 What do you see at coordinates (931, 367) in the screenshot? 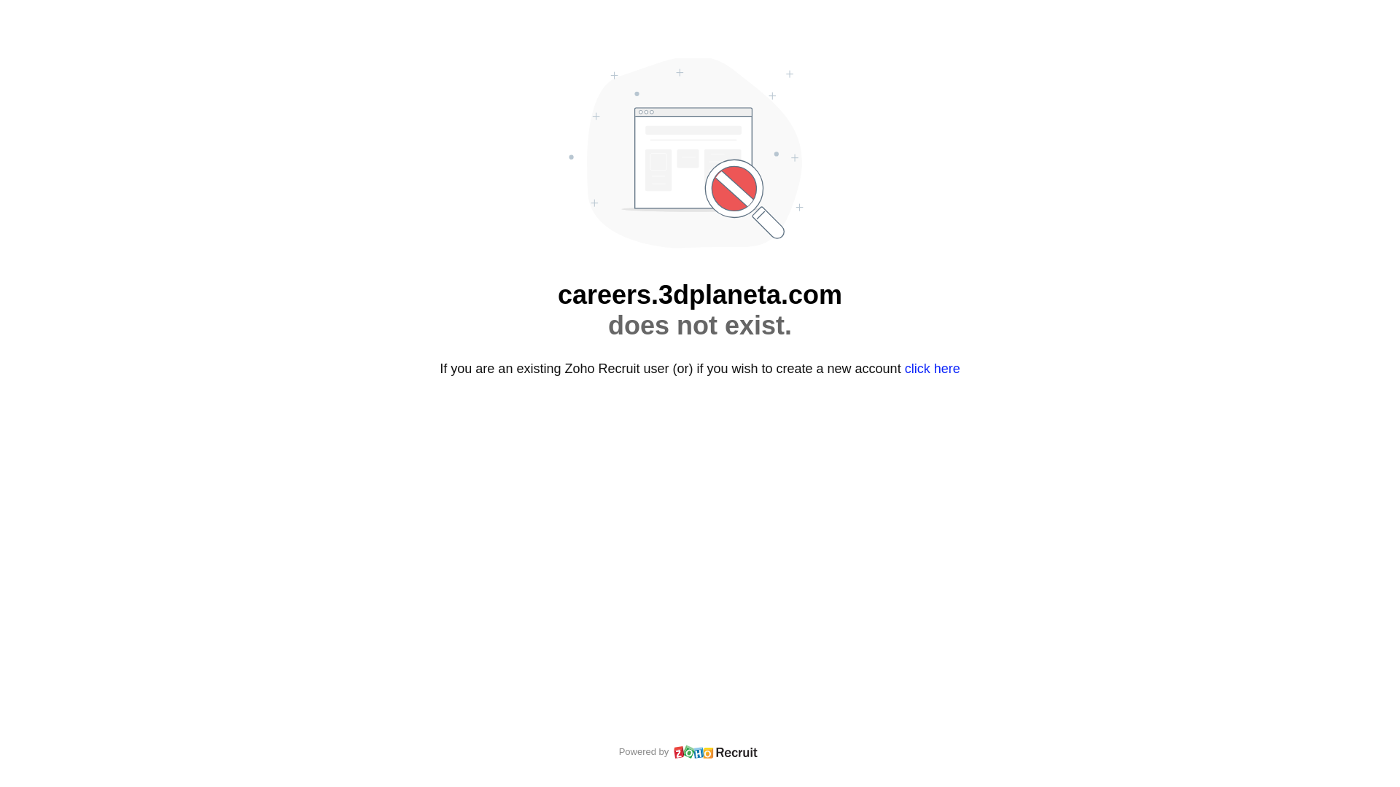
I see `'click here'` at bounding box center [931, 367].